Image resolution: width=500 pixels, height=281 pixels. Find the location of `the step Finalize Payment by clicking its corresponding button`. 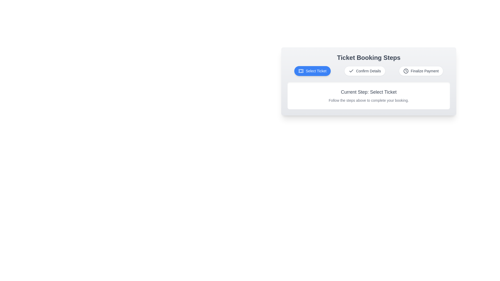

the step Finalize Payment by clicking its corresponding button is located at coordinates (421, 71).